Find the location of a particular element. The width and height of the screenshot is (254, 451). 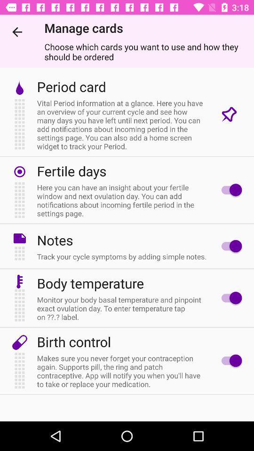

the item to the left of the manage cards item is located at coordinates (17, 32).